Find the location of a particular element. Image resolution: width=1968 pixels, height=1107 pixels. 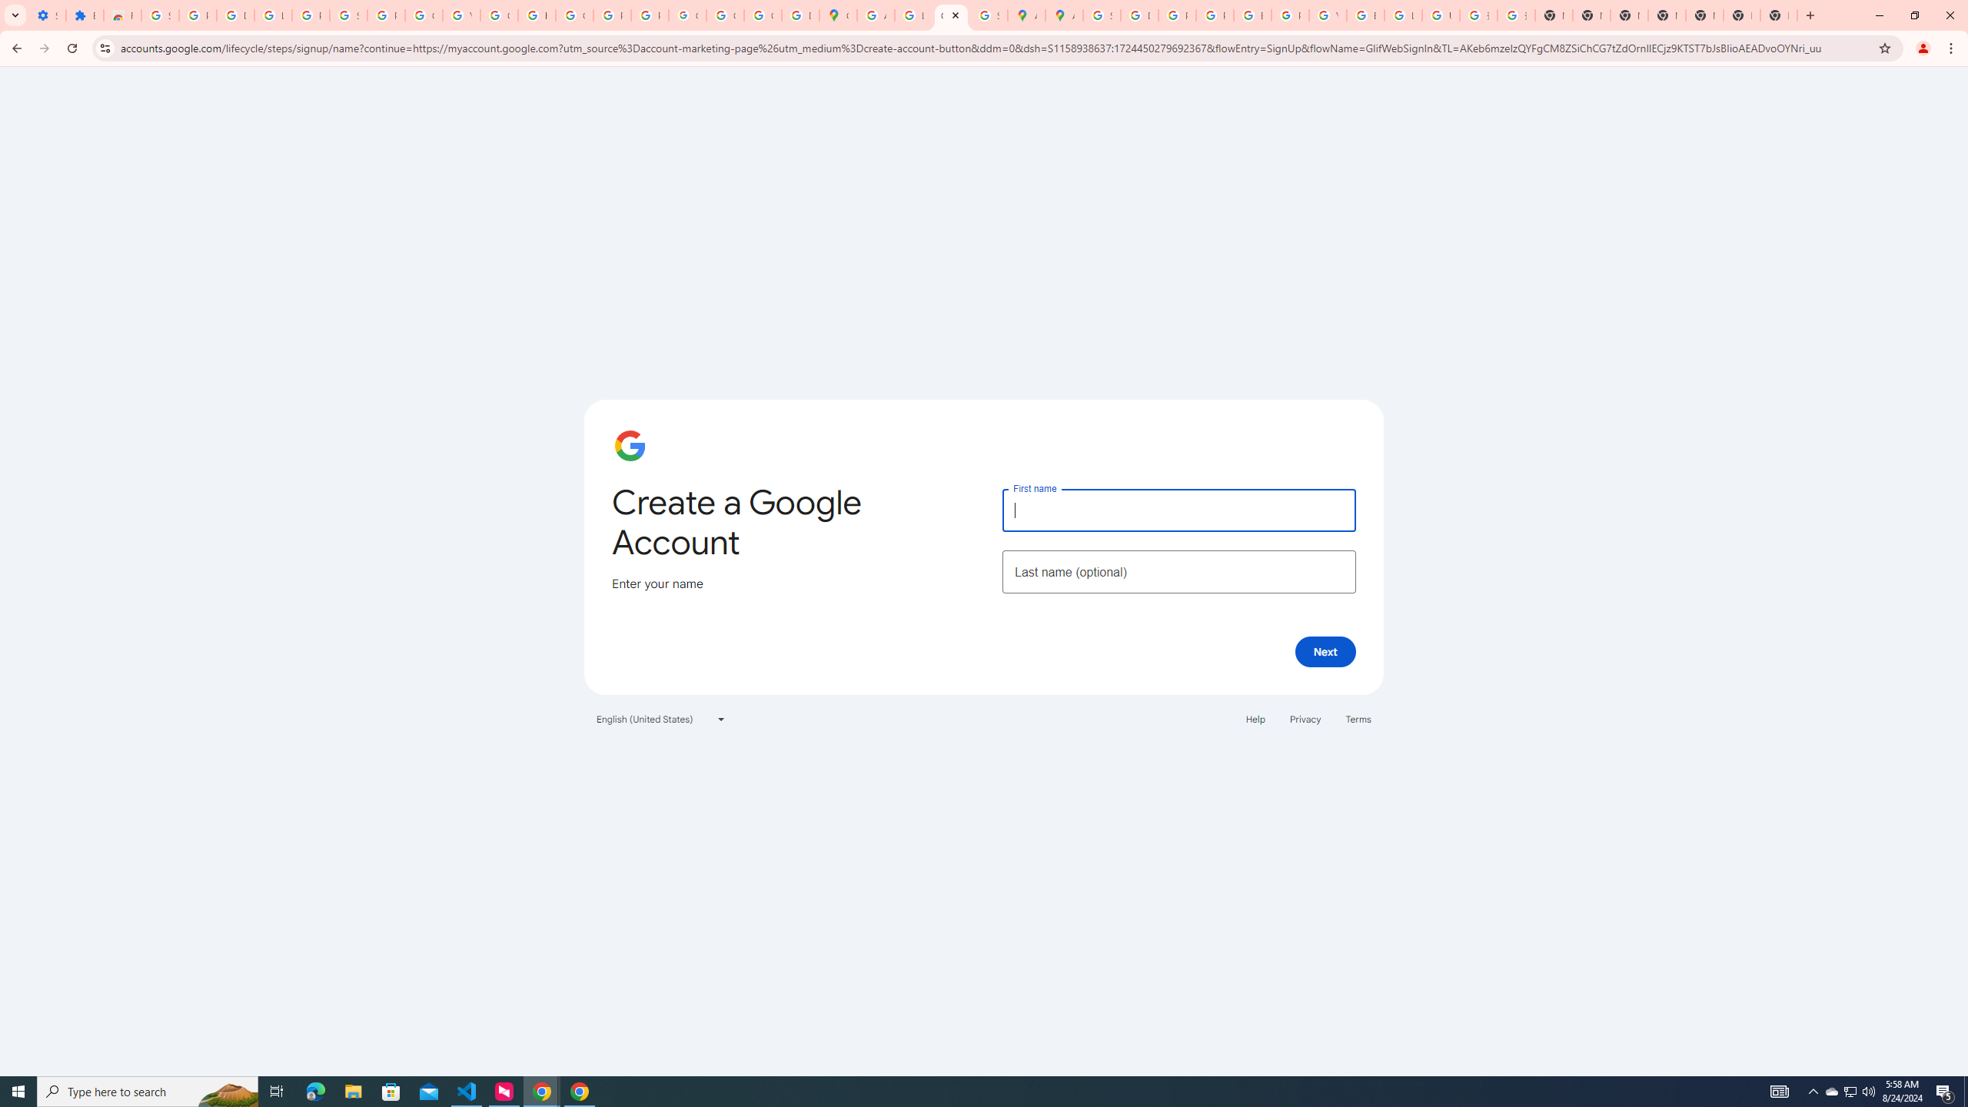

'New Tab' is located at coordinates (1741, 15).